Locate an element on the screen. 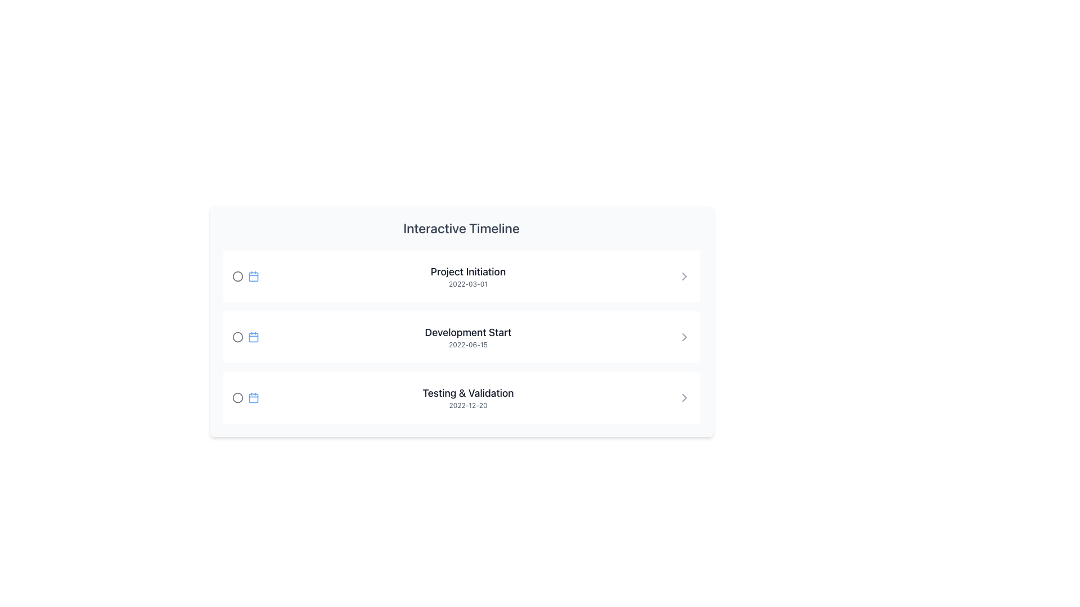 The height and width of the screenshot is (607, 1080). the icon pair located in the third row of the 'Interactive Timeline' section, near the text 'Testing & Validation' and its associated date is located at coordinates (245, 397).